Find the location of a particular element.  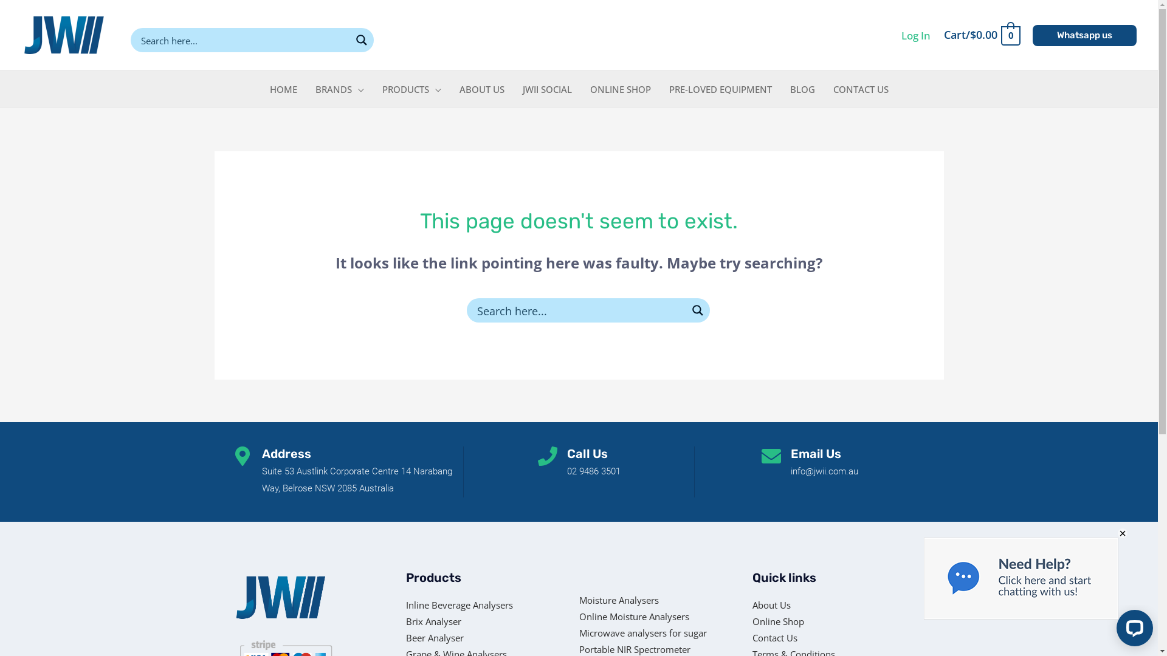

'BLOG' is located at coordinates (802, 88).